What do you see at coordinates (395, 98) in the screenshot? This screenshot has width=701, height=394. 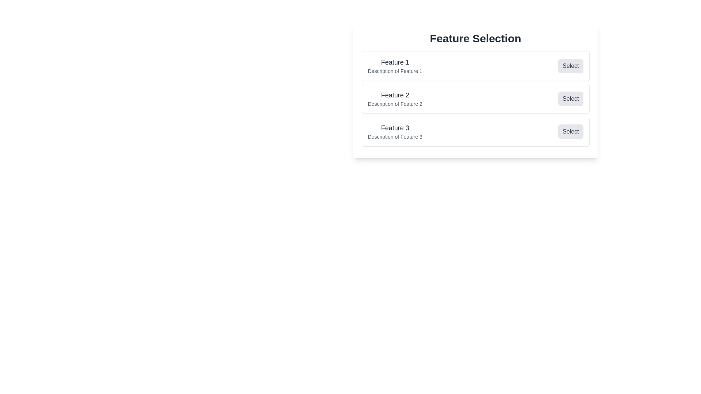 I see `the text label displaying 'Feature 2' with a description below it, which is located in the vertical list of options labeled 'Feature Selection'` at bounding box center [395, 98].